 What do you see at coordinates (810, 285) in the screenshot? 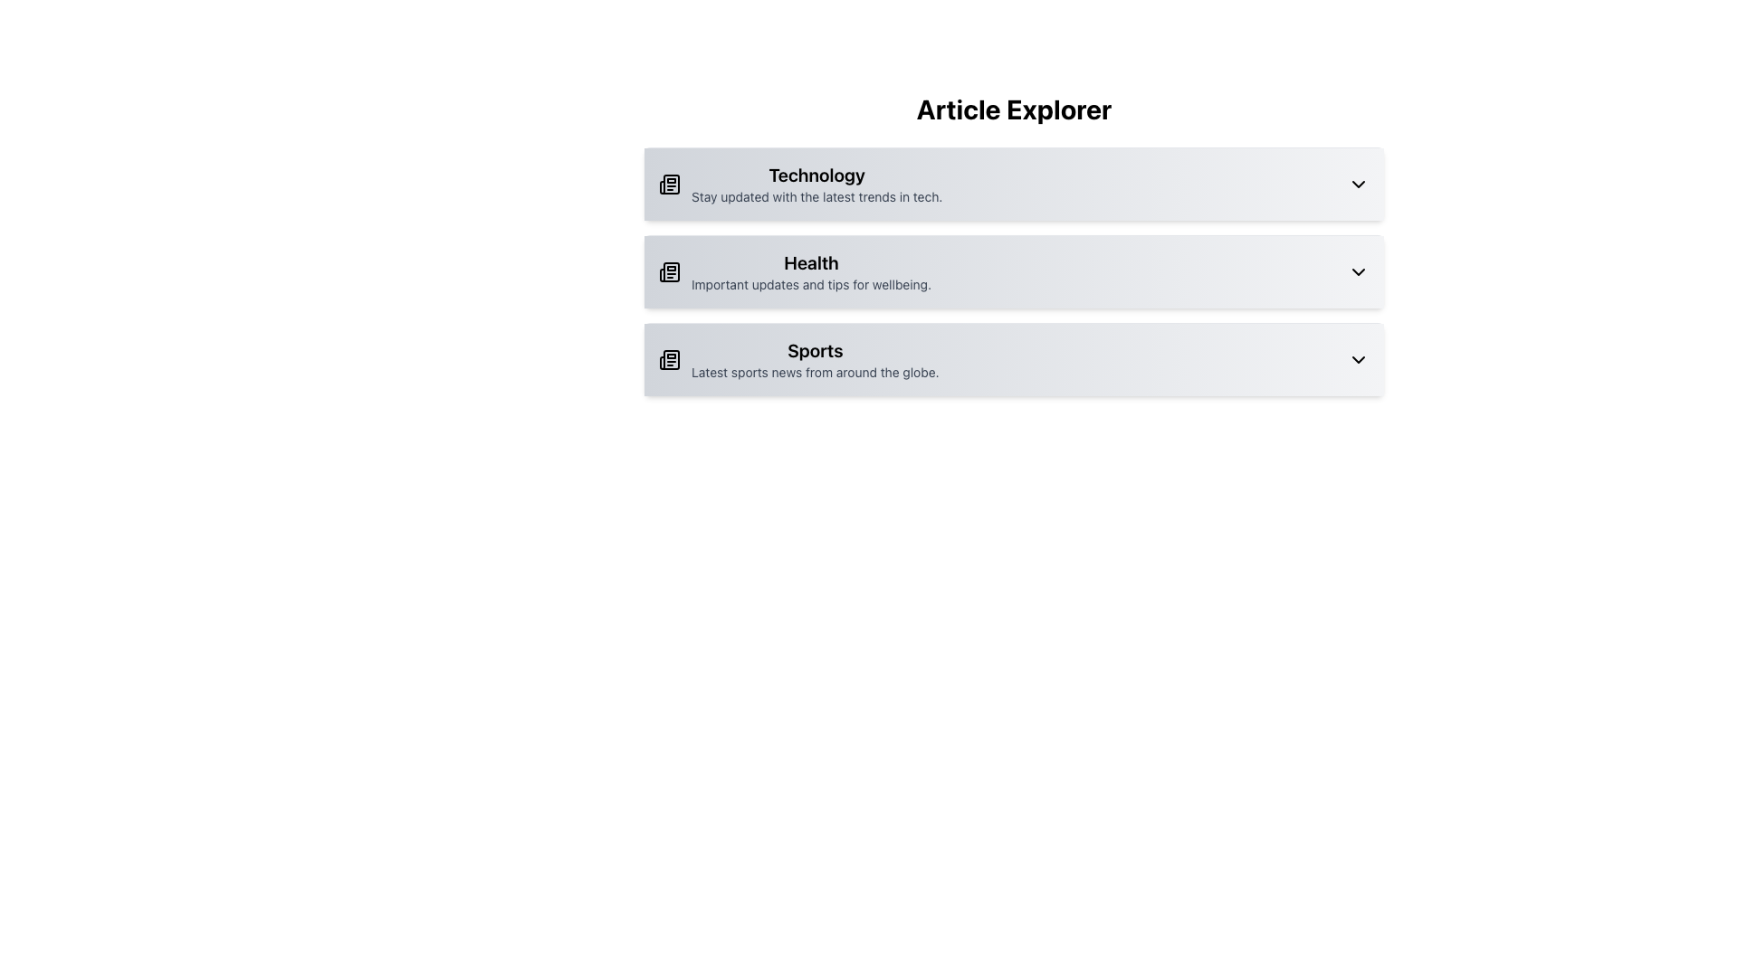
I see `text content located directly below the 'Health' title, which provides a brief description or summary related to the 'Health' section` at bounding box center [810, 285].